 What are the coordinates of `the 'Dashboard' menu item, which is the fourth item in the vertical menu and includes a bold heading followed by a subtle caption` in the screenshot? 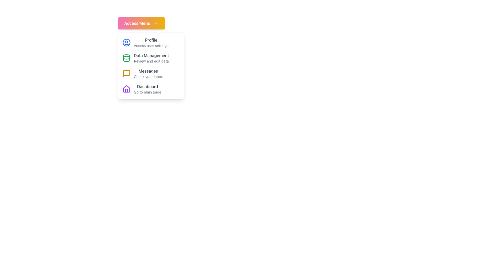 It's located at (147, 89).